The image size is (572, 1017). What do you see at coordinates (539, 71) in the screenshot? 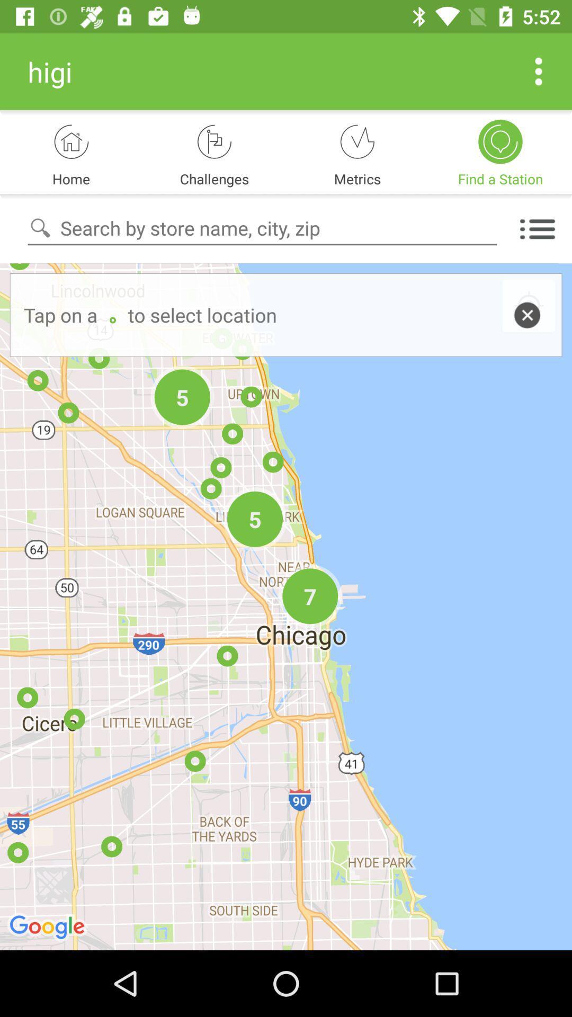
I see `the dot menu at from right  top corner` at bounding box center [539, 71].